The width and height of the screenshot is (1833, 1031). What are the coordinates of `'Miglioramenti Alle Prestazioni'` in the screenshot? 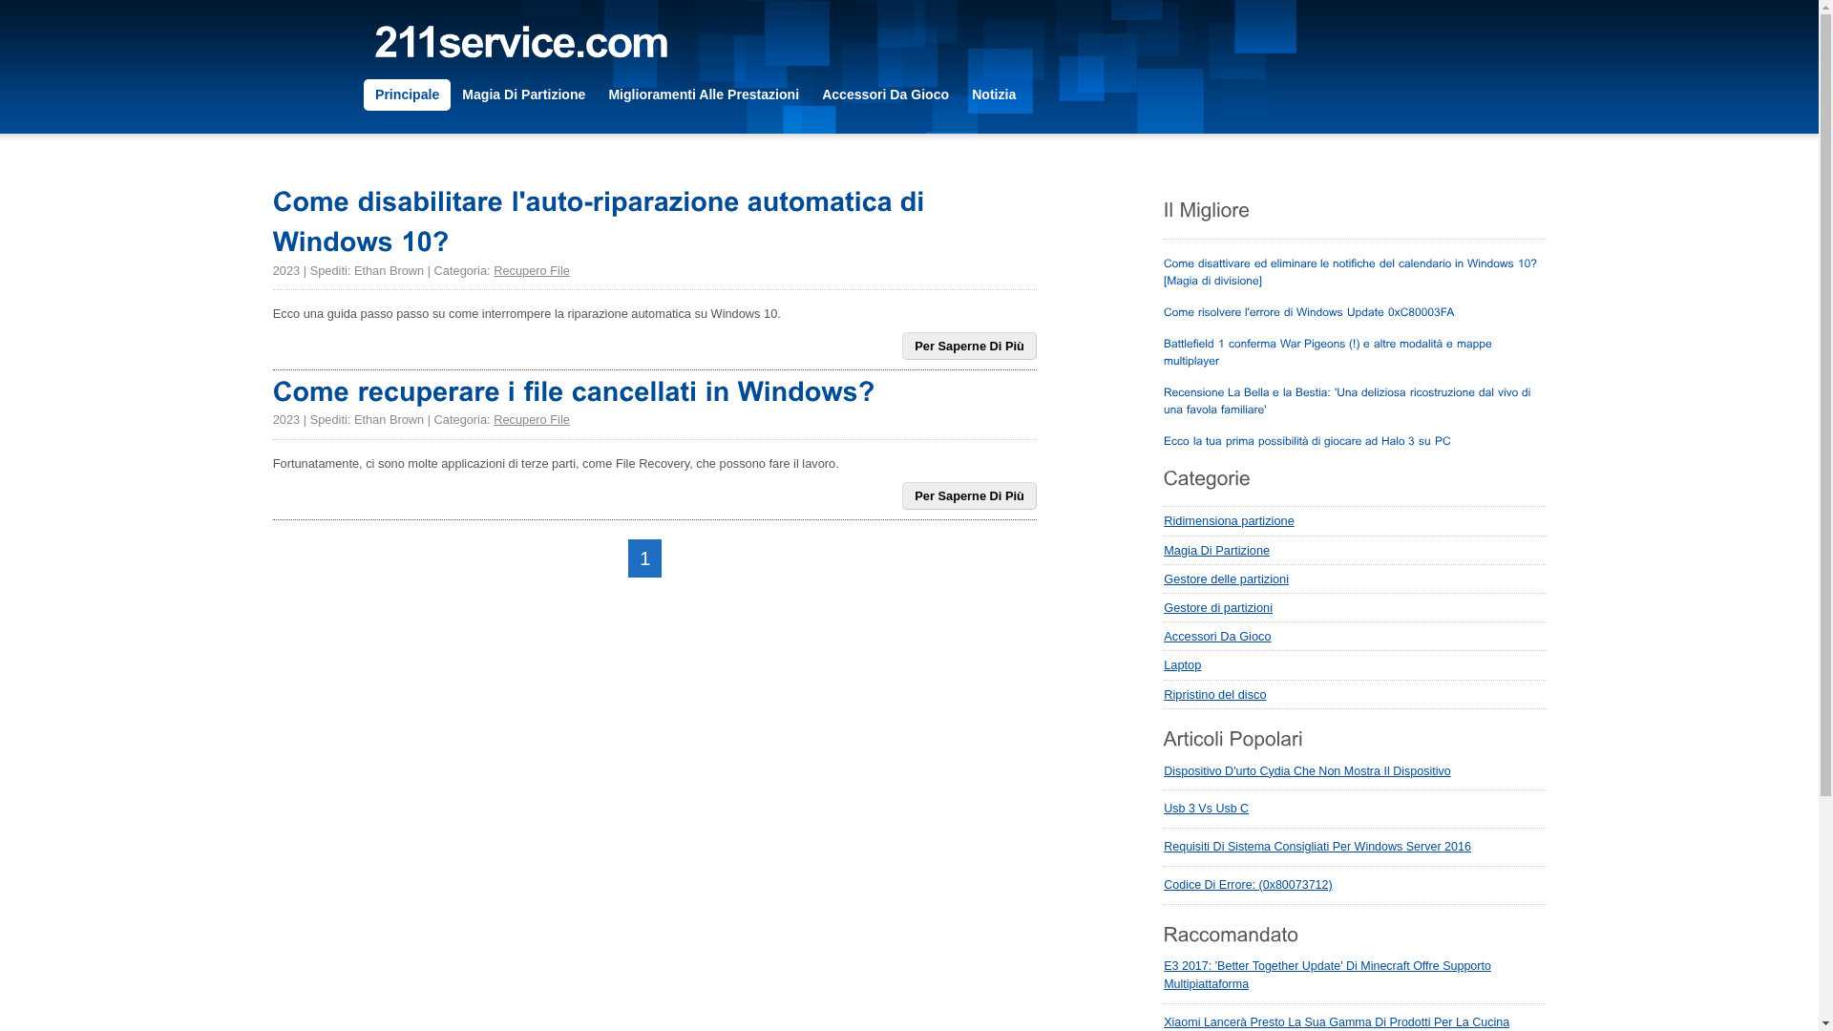 It's located at (703, 95).